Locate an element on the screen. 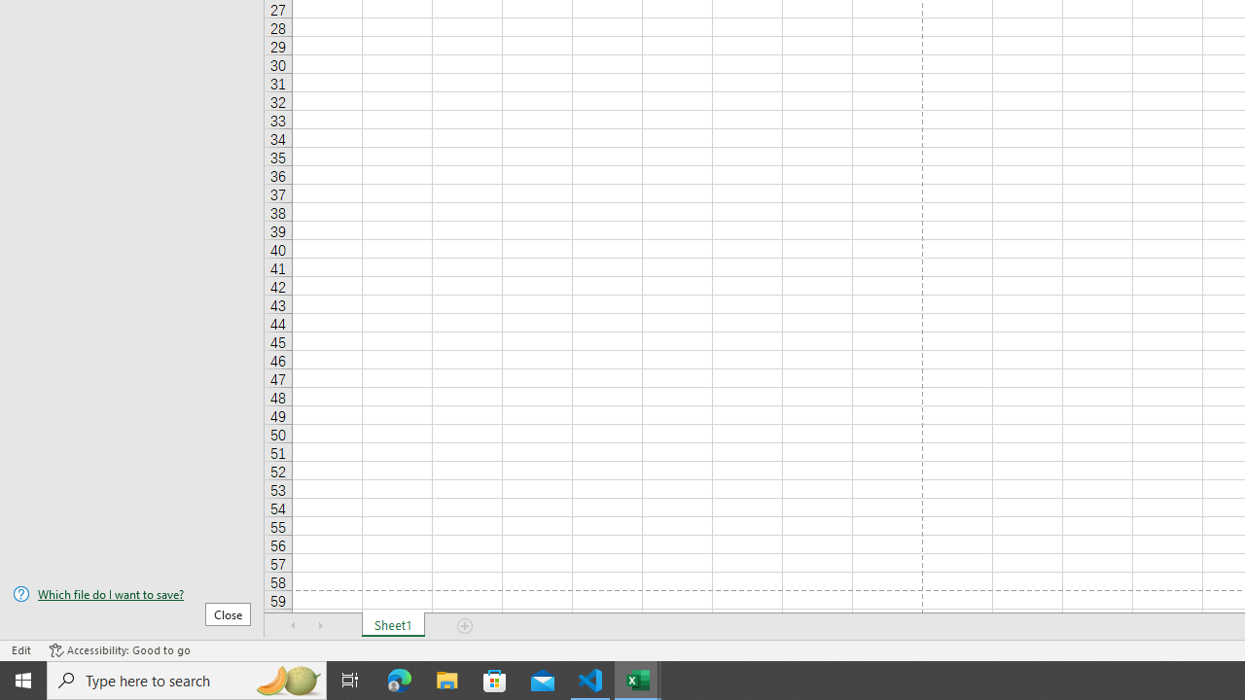 The image size is (1245, 700). 'Accessibility Checker Accessibility: Good to go' is located at coordinates (119, 650).